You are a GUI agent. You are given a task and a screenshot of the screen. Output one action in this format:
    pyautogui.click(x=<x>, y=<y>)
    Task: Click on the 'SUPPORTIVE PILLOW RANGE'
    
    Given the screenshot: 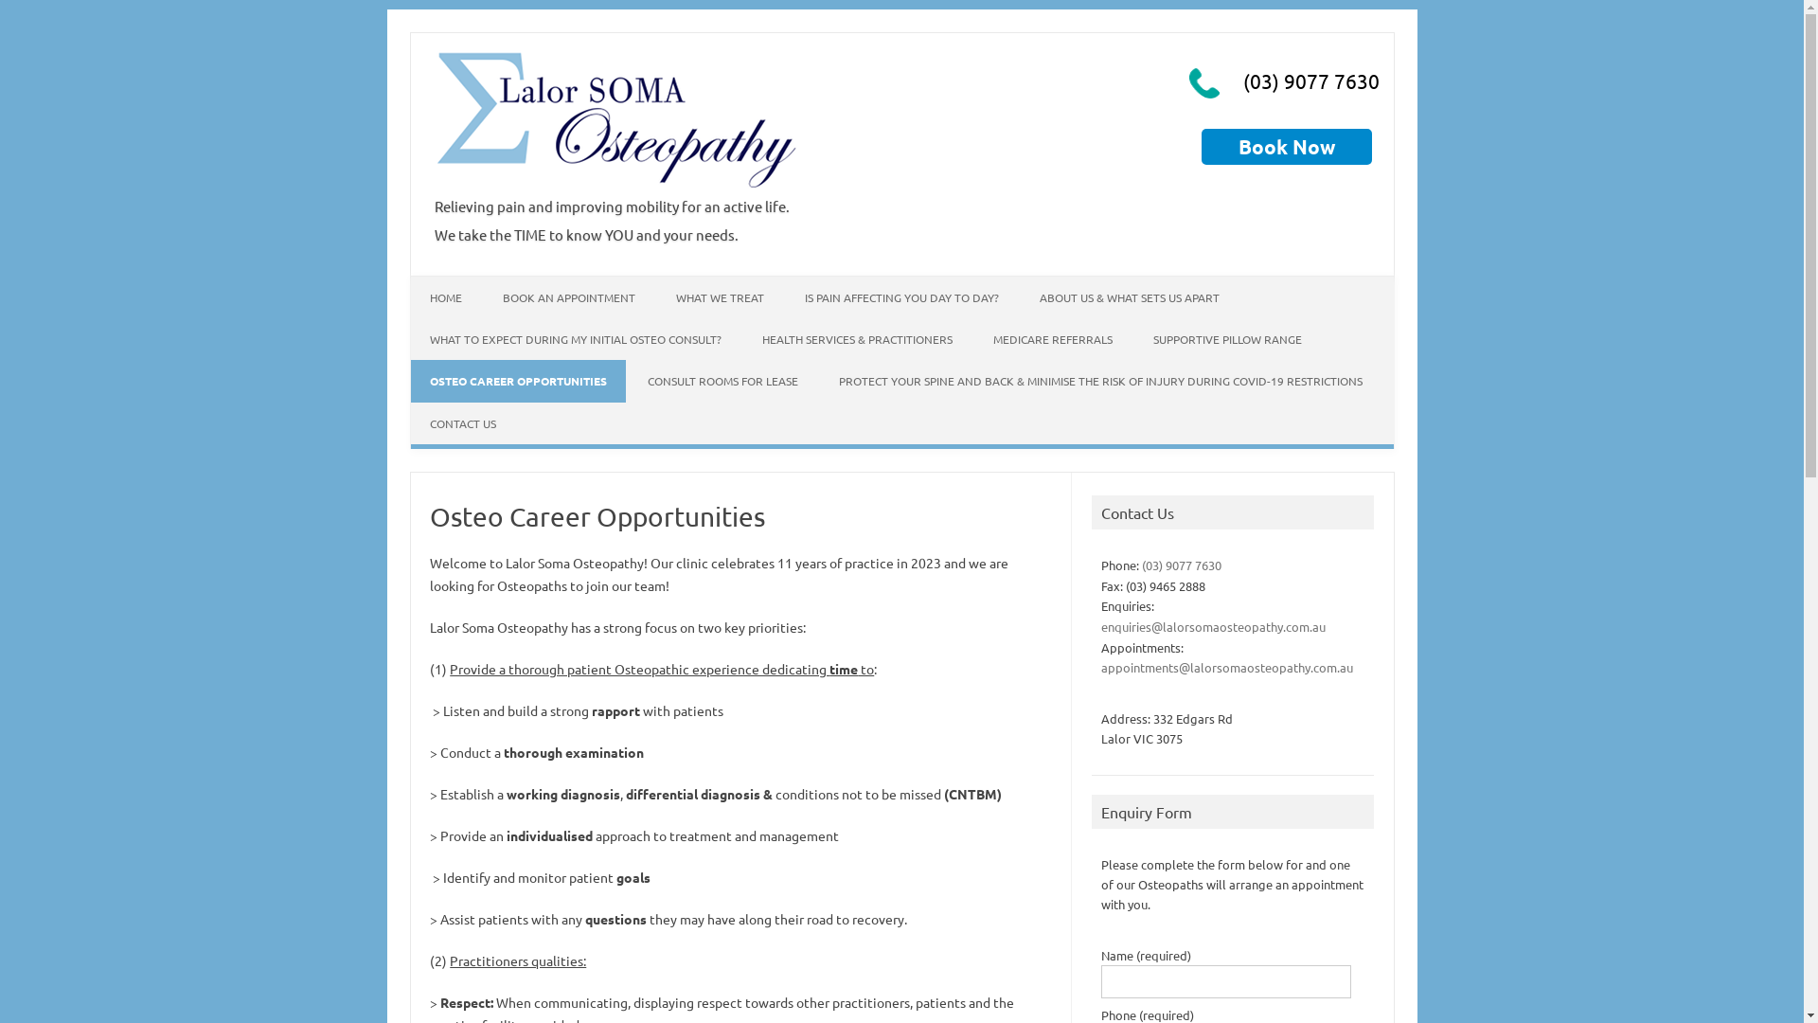 What is the action you would take?
    pyautogui.click(x=1227, y=338)
    